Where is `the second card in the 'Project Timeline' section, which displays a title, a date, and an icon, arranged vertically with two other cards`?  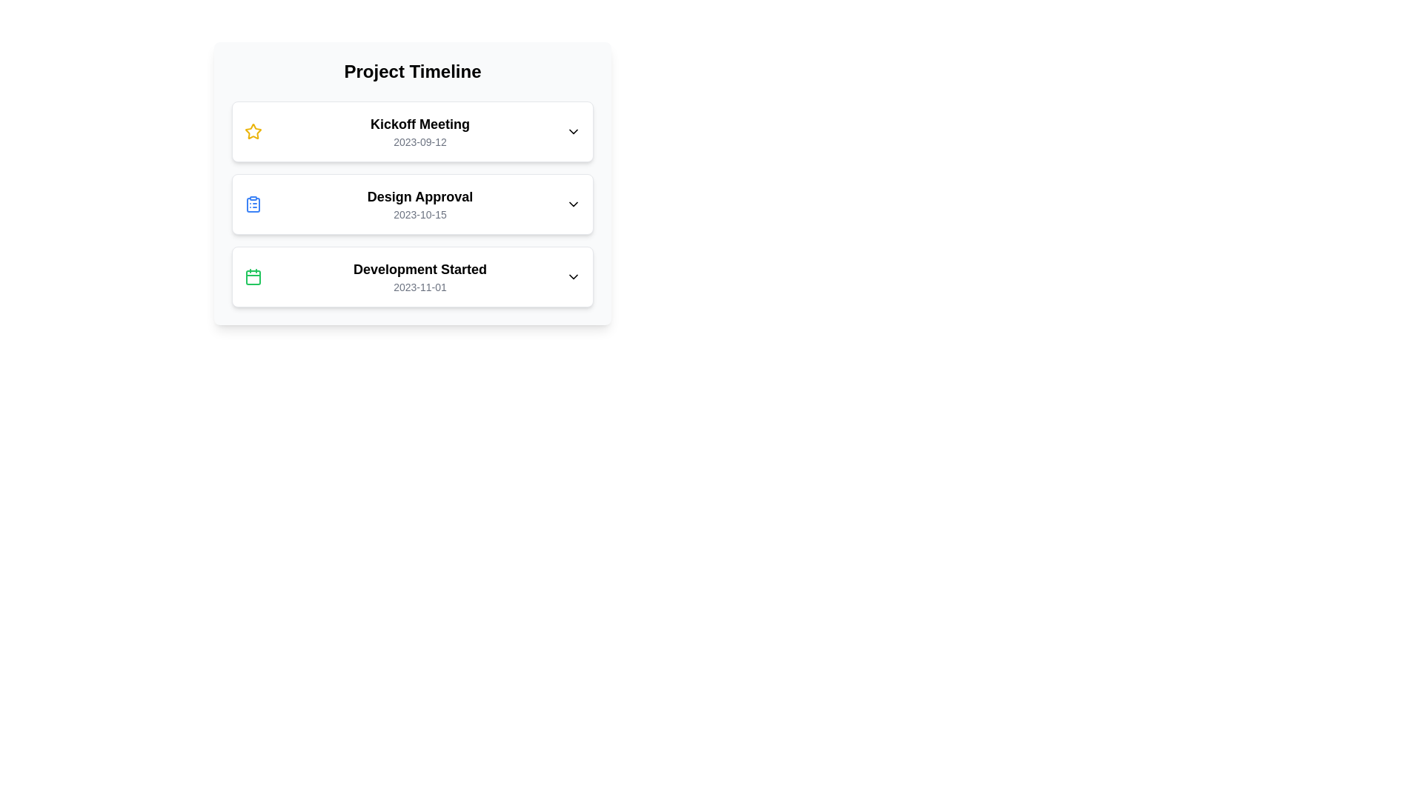 the second card in the 'Project Timeline' section, which displays a title, a date, and an icon, arranged vertically with two other cards is located at coordinates (412, 204).